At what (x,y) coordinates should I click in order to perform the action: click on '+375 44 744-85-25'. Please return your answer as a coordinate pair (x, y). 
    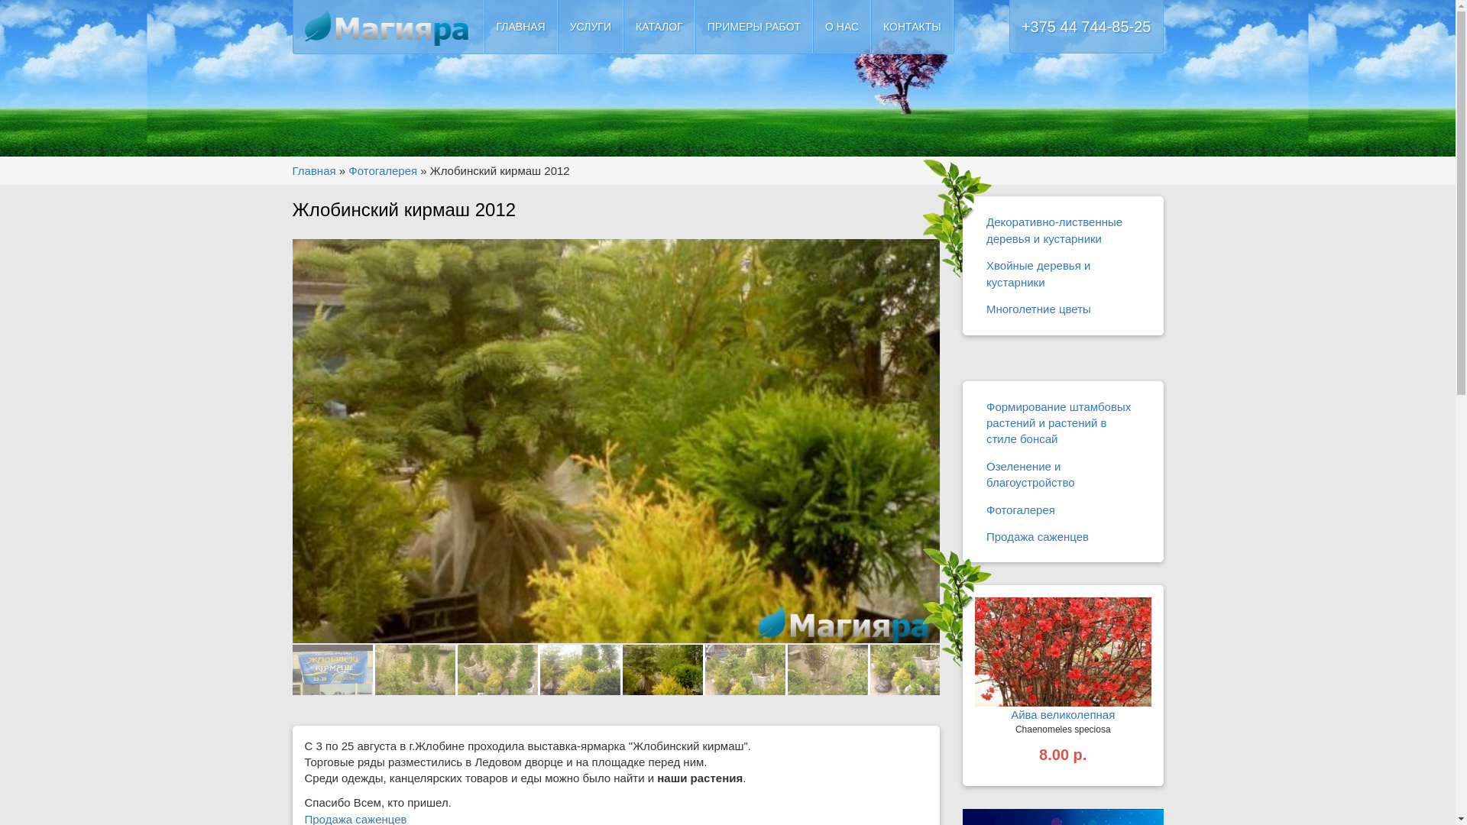
    Looking at the image, I should click on (1085, 26).